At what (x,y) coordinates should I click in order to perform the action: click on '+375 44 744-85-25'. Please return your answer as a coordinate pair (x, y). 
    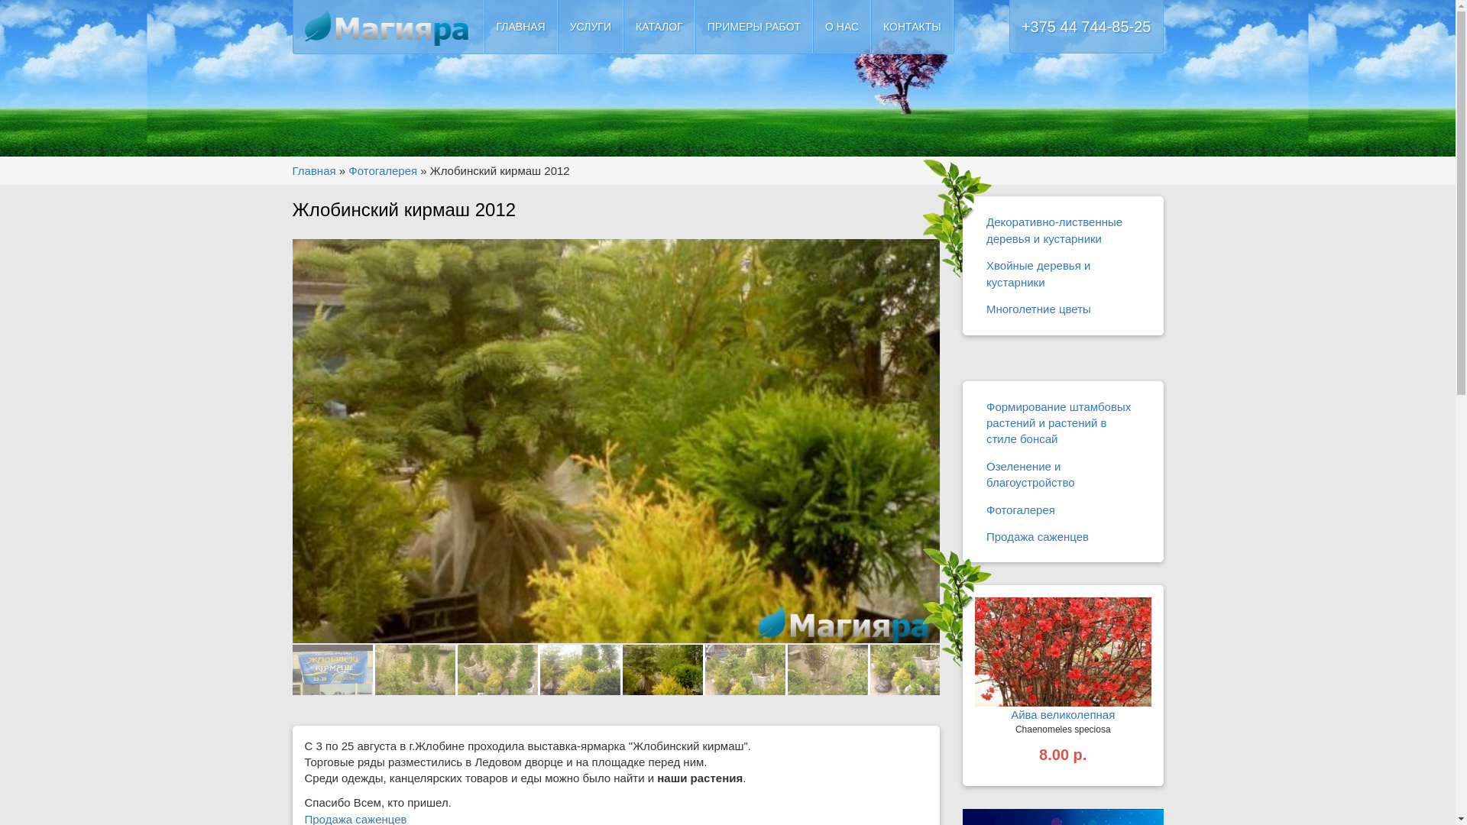
    Looking at the image, I should click on (1085, 26).